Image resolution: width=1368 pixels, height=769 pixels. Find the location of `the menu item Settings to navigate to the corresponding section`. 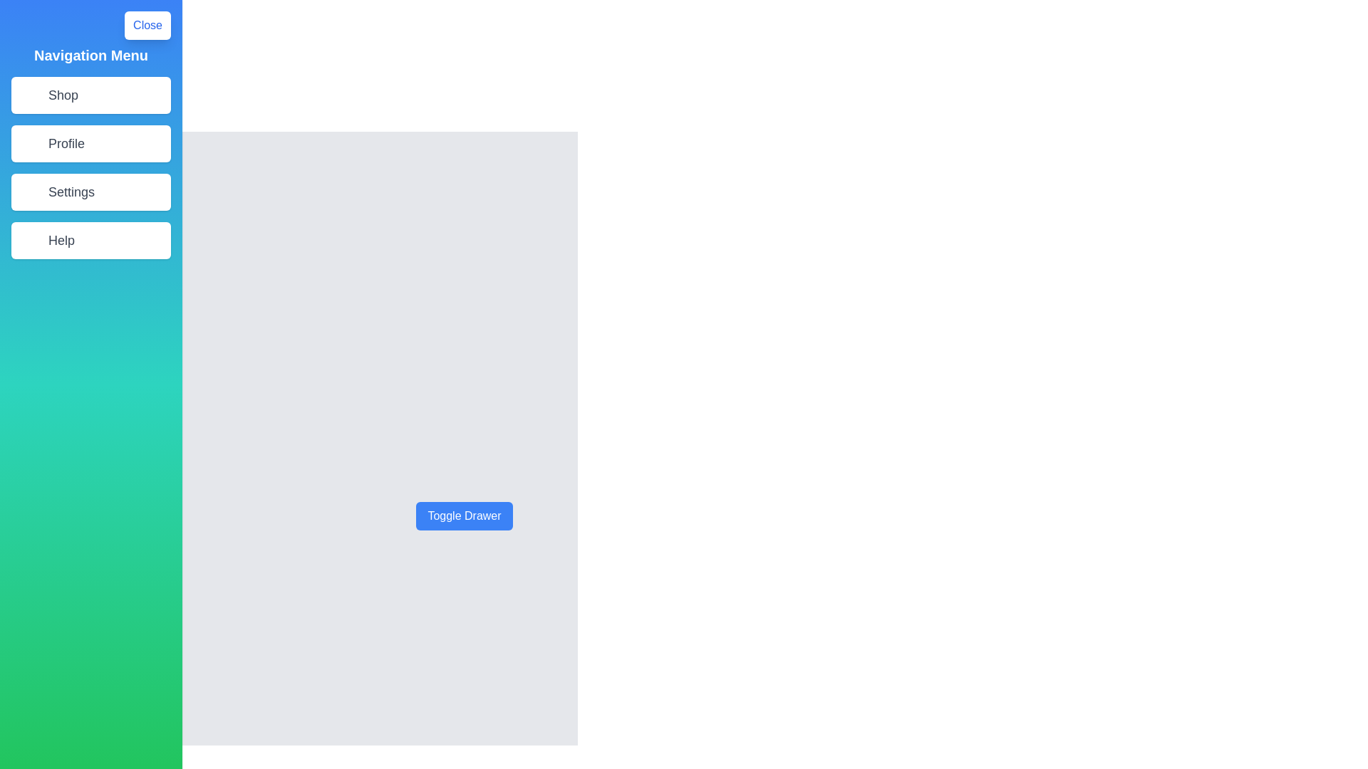

the menu item Settings to navigate to the corresponding section is located at coordinates (90, 192).